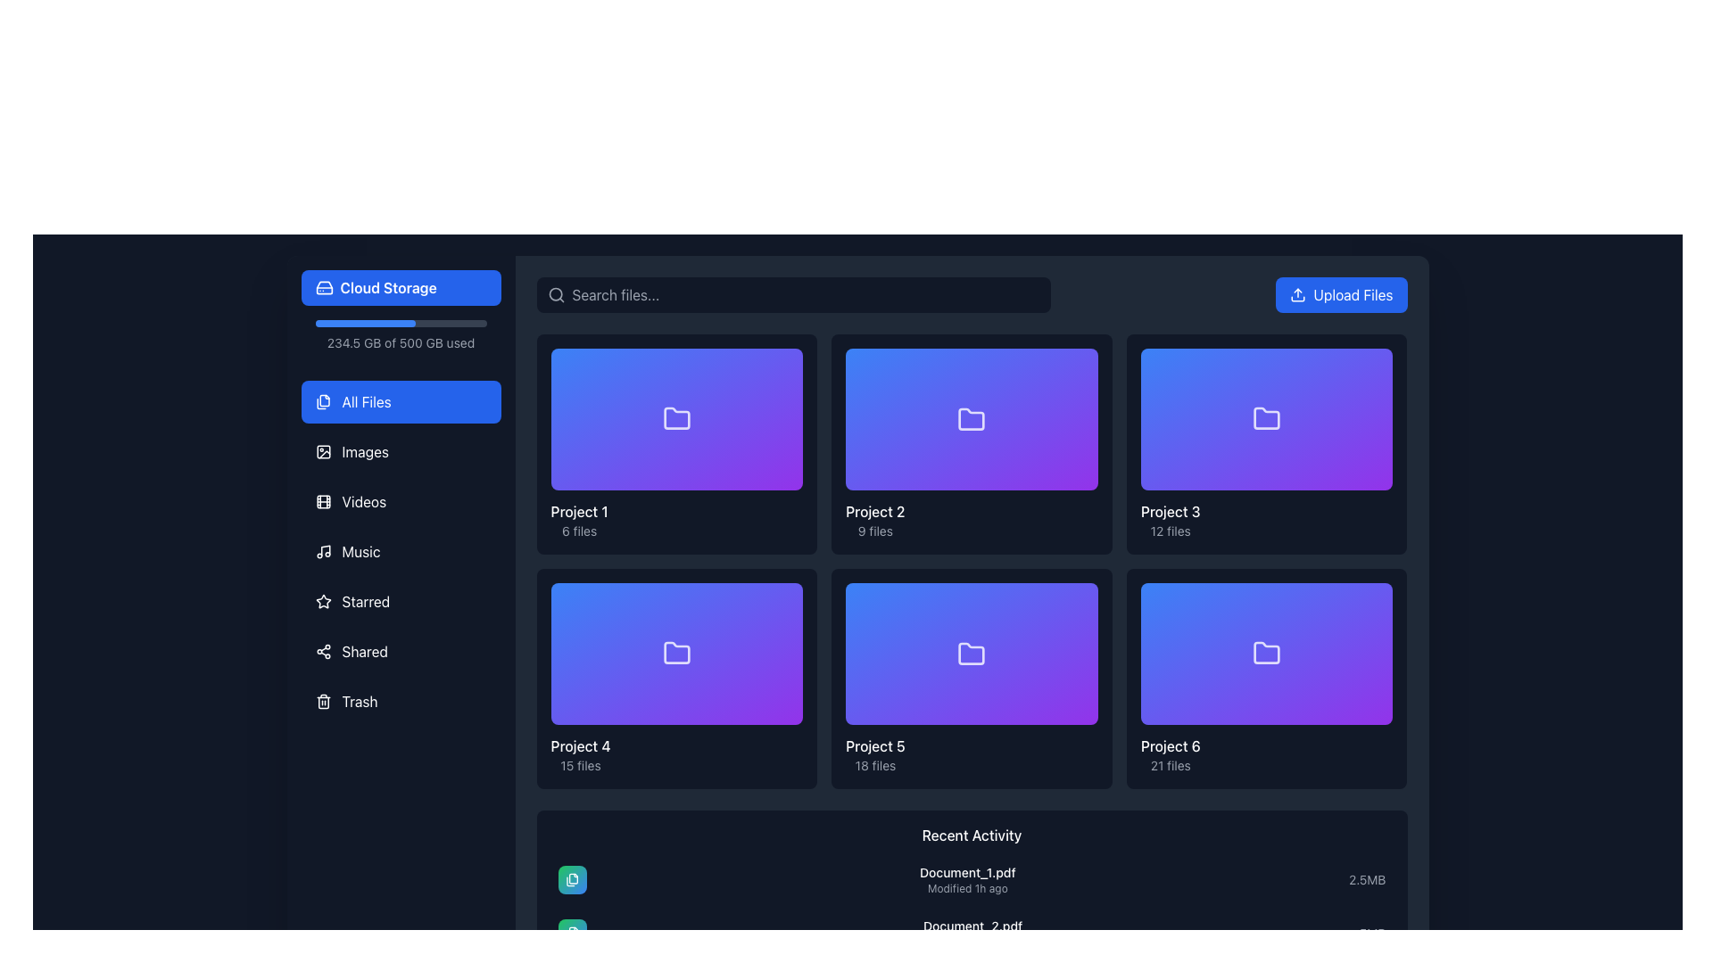 The image size is (1713, 963). I want to click on the text label indicating the number of files in the 'Project 5' folder, located underneath the title text of the 'Project 5' card, so click(875, 765).